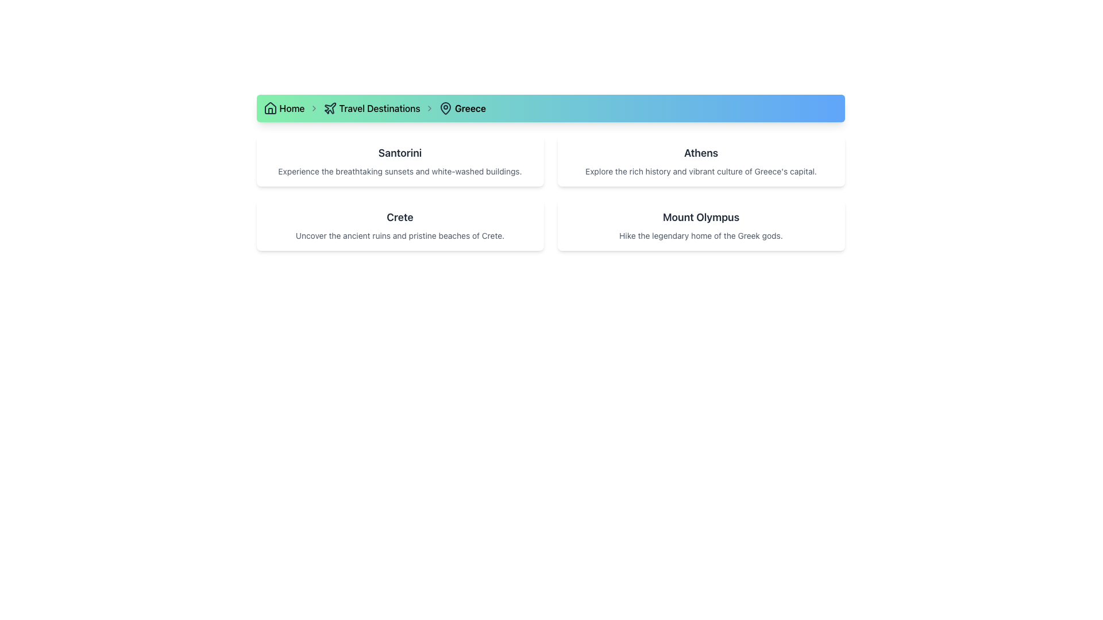 The width and height of the screenshot is (1103, 620). Describe the element at coordinates (400, 152) in the screenshot. I see `the heading text element for the location 'Santorini', which is positioned on the left side of the cards and above the description text` at that location.